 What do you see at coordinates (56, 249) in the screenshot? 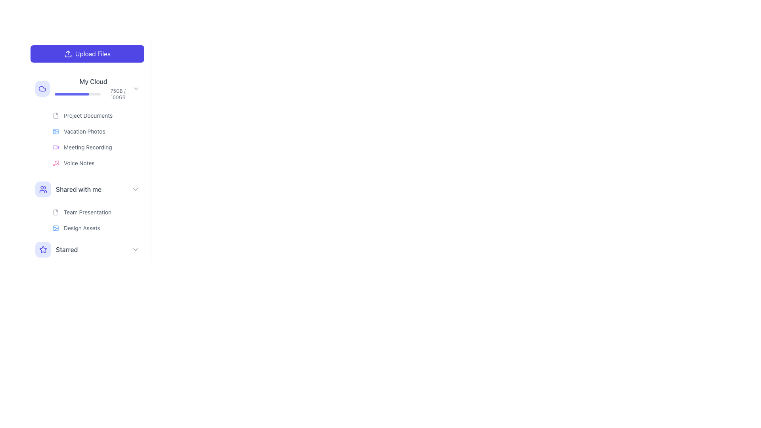
I see `the 'Starred' menu link item in the vertical sidebar menu` at bounding box center [56, 249].